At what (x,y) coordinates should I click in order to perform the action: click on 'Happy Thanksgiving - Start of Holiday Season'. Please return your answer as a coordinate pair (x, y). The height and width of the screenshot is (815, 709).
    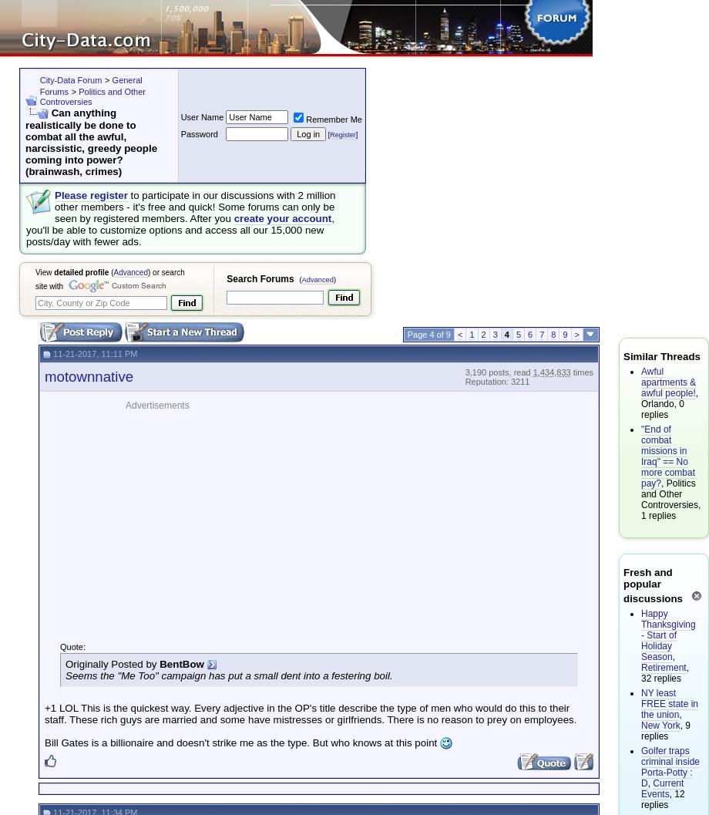
    Looking at the image, I should click on (667, 634).